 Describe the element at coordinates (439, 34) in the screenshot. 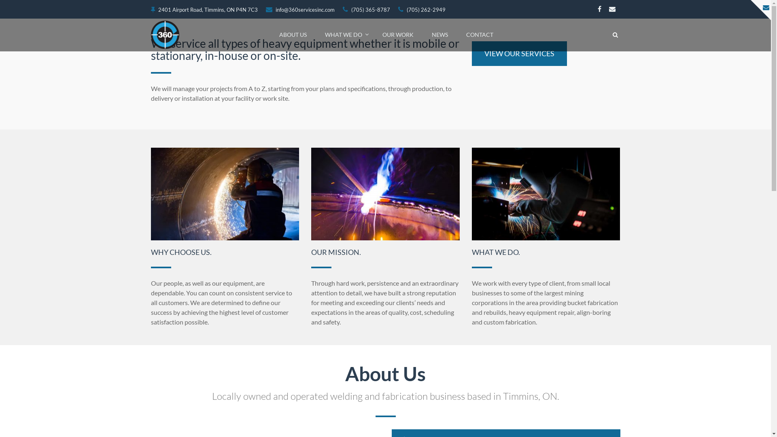

I see `'NEWS'` at that location.